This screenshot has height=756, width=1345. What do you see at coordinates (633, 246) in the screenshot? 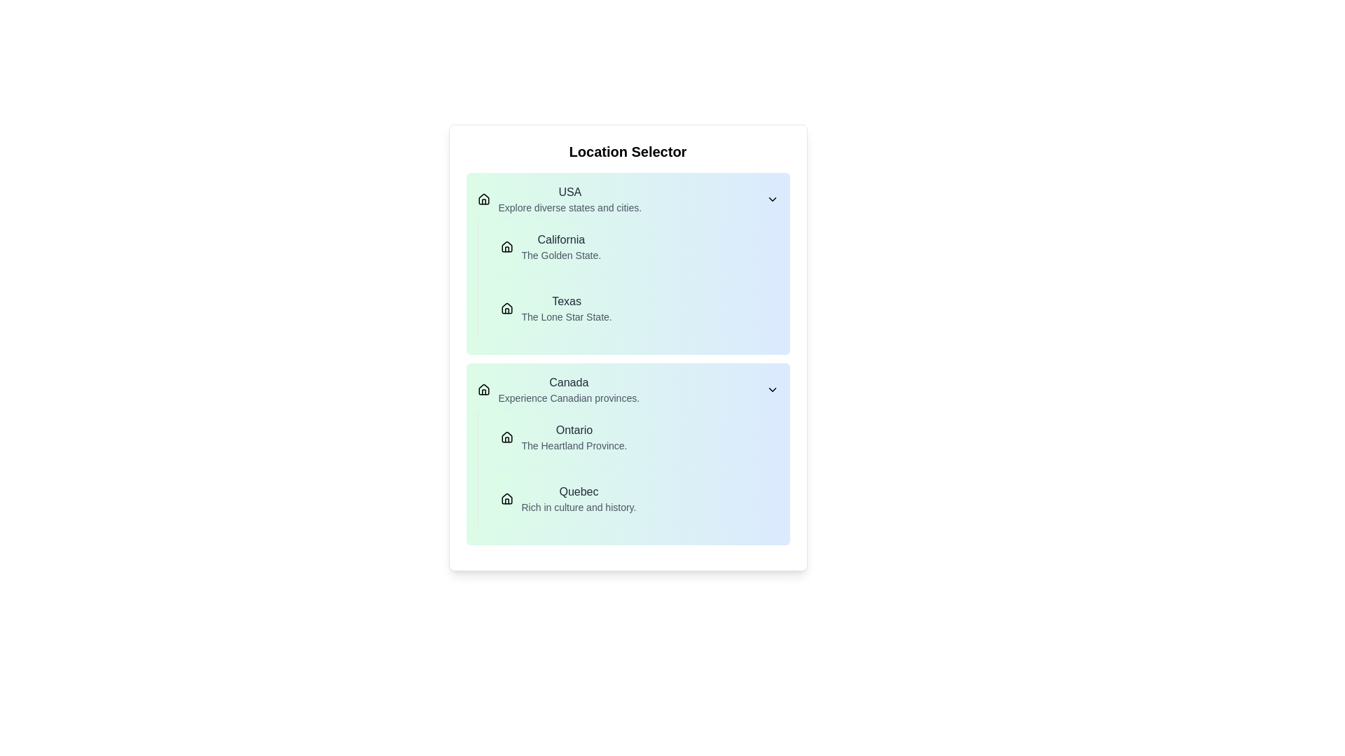
I see `the California entry in the location selection interface` at bounding box center [633, 246].